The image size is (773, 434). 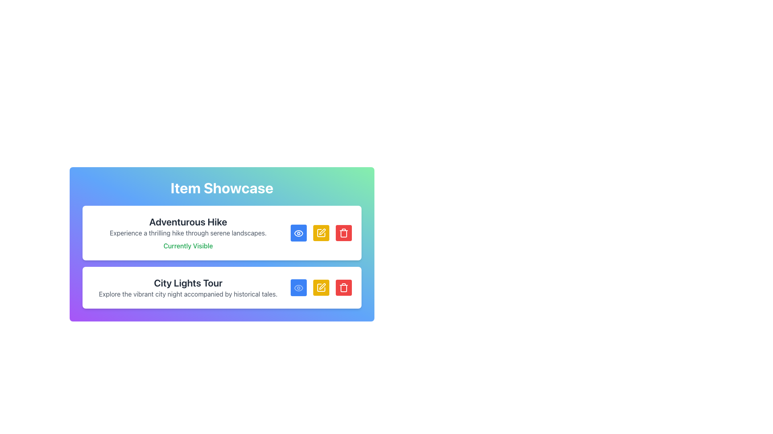 What do you see at coordinates (344, 233) in the screenshot?
I see `the red delete button with a trash bin icon located to the right of the 'Adventurous Hike' description` at bounding box center [344, 233].